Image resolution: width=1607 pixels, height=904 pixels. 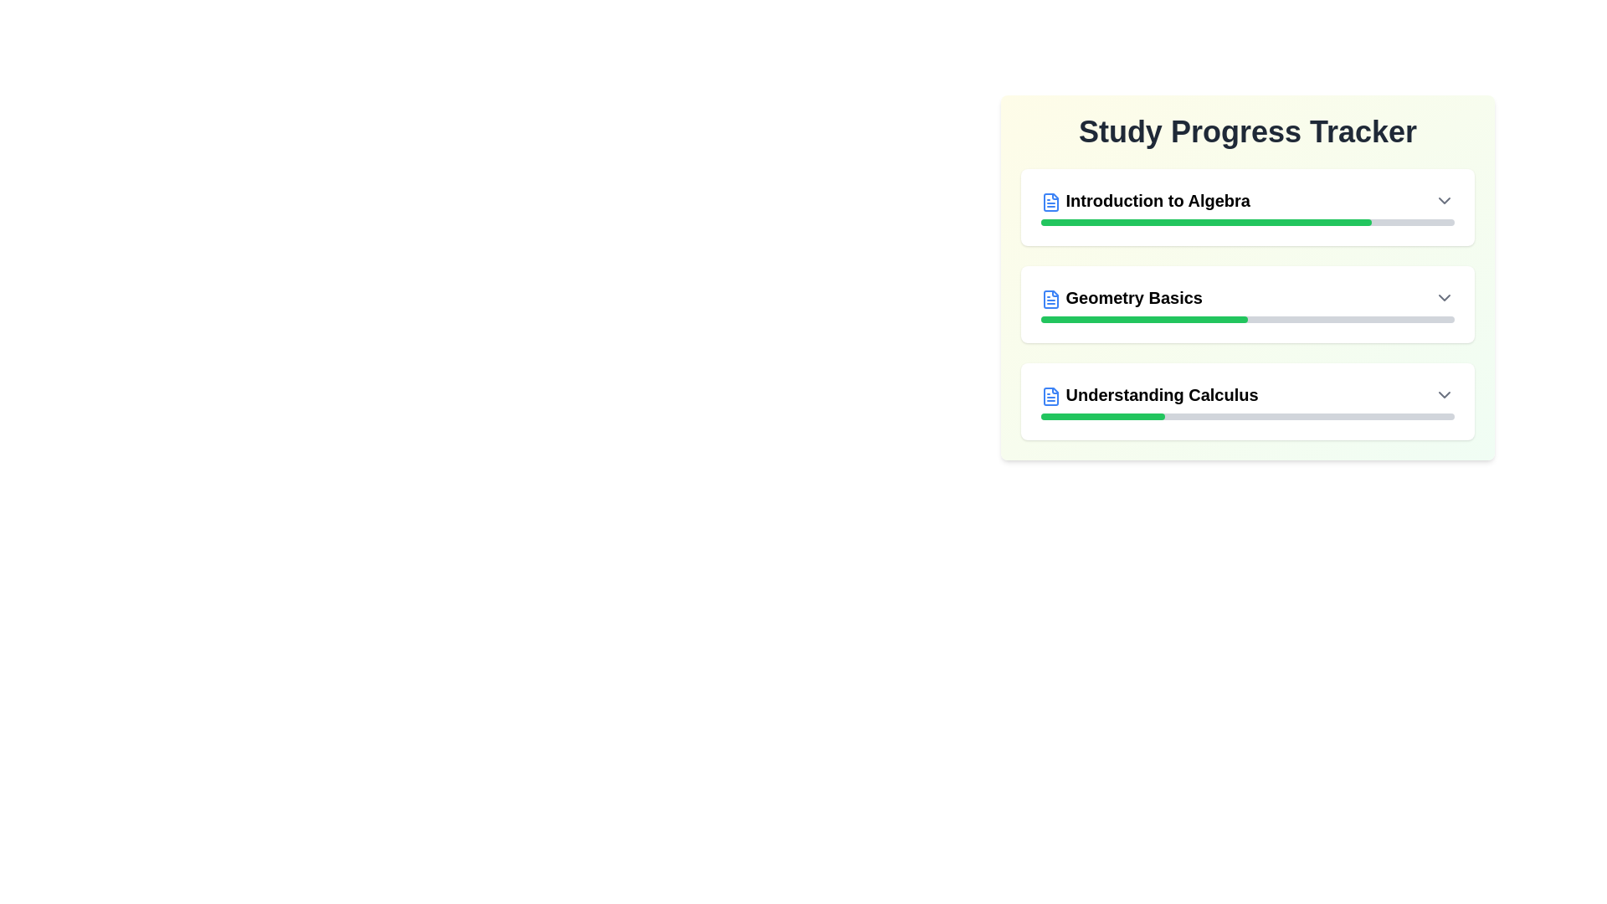 What do you see at coordinates (1050, 298) in the screenshot?
I see `the graphical icon representing a document or text file, which is styled in blue and white, located to the left of the 'Geometry Basics' title in the 'Study Progress Tracker' section` at bounding box center [1050, 298].